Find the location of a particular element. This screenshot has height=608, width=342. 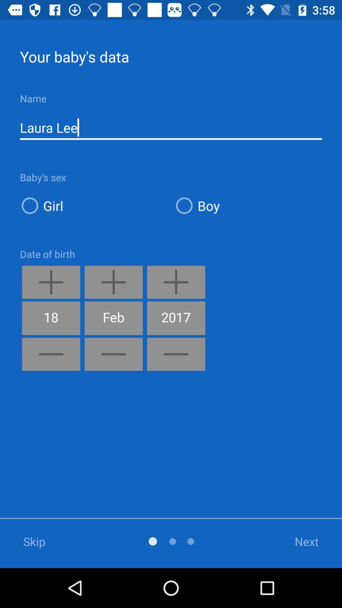

the icon below laura lee icon is located at coordinates (248, 206).